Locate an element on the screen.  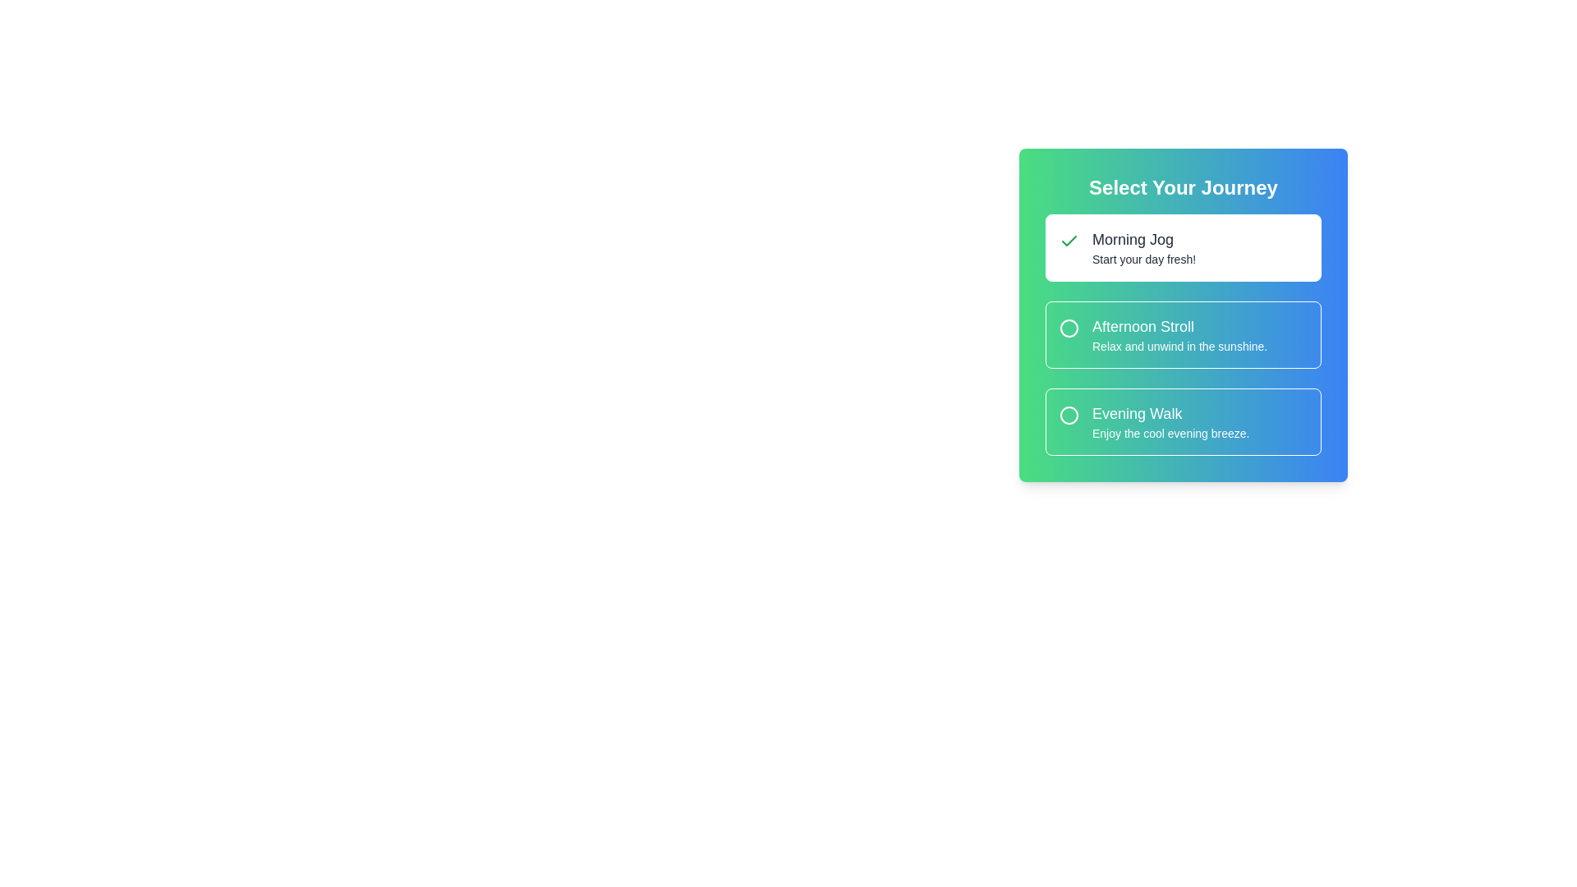
the 'Morning Jog' text block that displays the title and subtitle for the selection interface is located at coordinates (1143, 247).